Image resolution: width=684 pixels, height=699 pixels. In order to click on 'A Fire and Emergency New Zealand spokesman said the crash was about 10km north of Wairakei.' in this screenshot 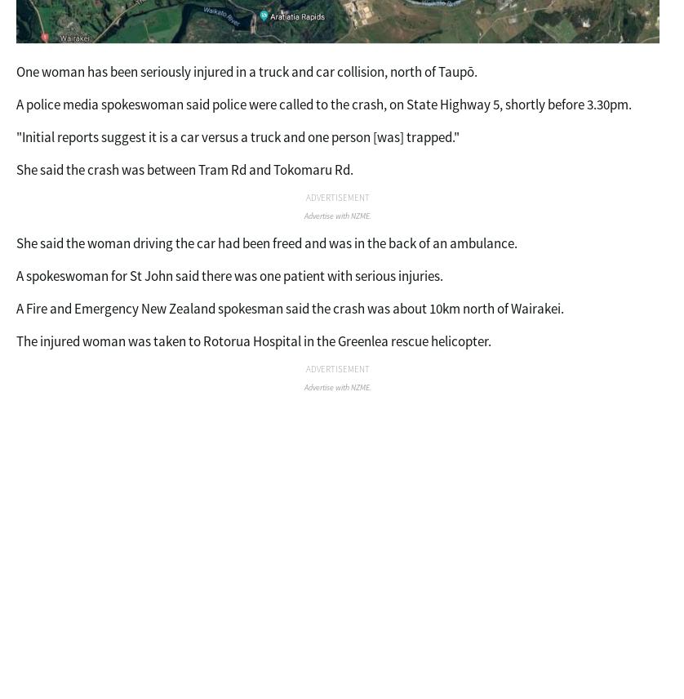, I will do `click(289, 309)`.